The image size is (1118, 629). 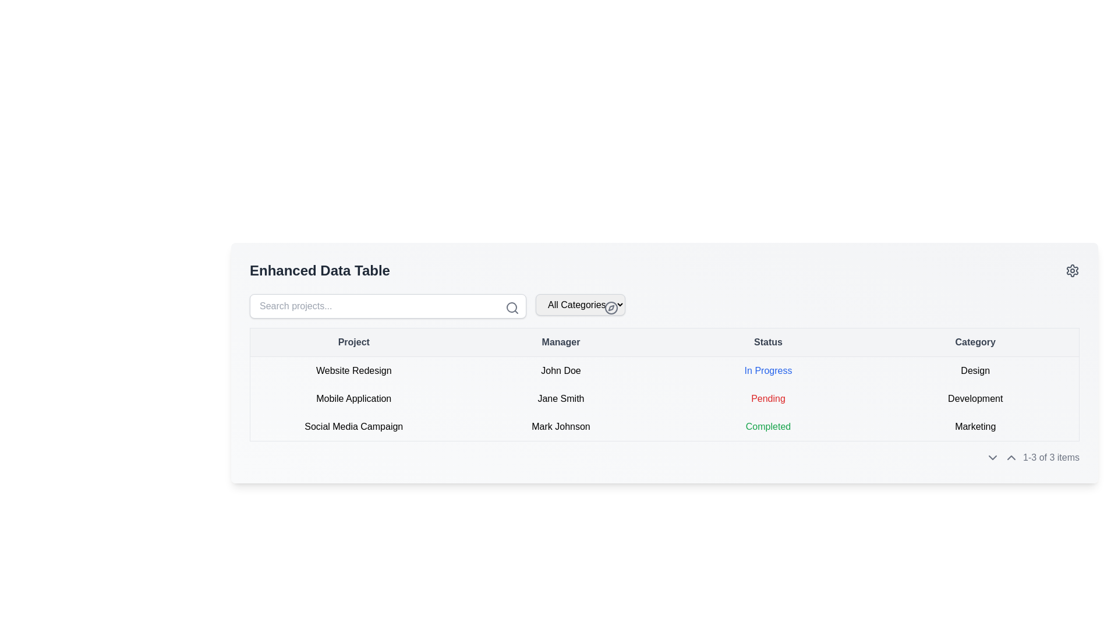 I want to click on the 'Pending' status text label for the 'Mobile Application' project managed by 'Jane Smith' located in the third column of the second row under the 'Status' header, so click(x=768, y=398).